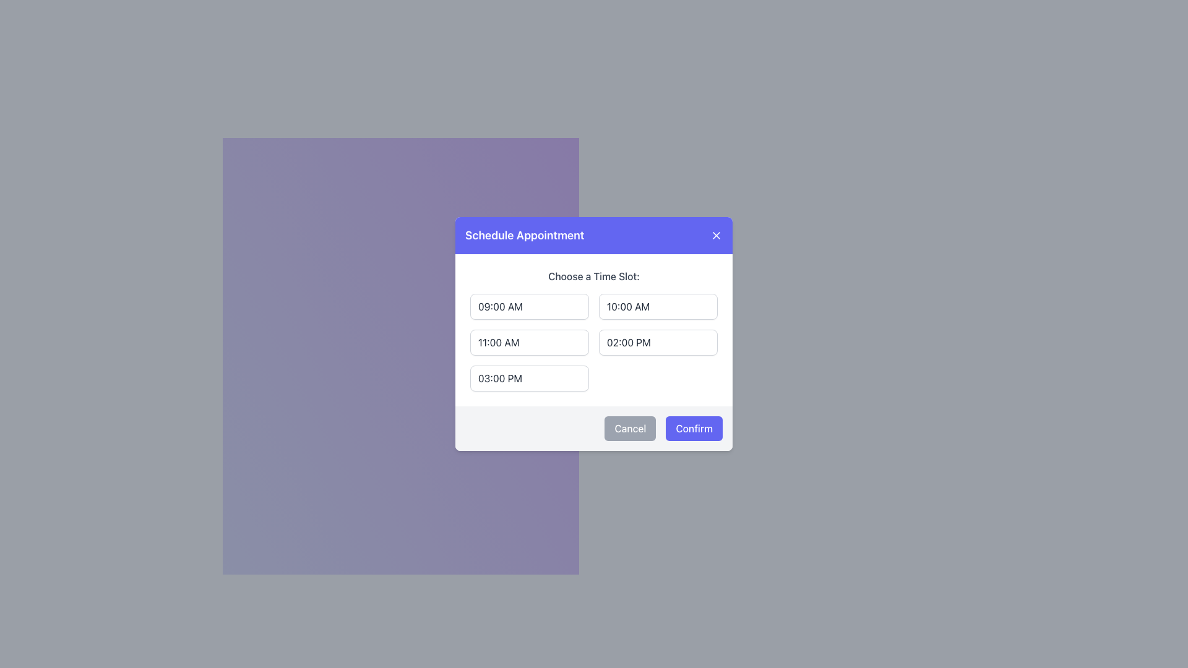 This screenshot has height=668, width=1188. I want to click on the close button represented by an 'X' icon at the top-right corner of the modal header titled 'Schedule Appointment', so click(716, 236).